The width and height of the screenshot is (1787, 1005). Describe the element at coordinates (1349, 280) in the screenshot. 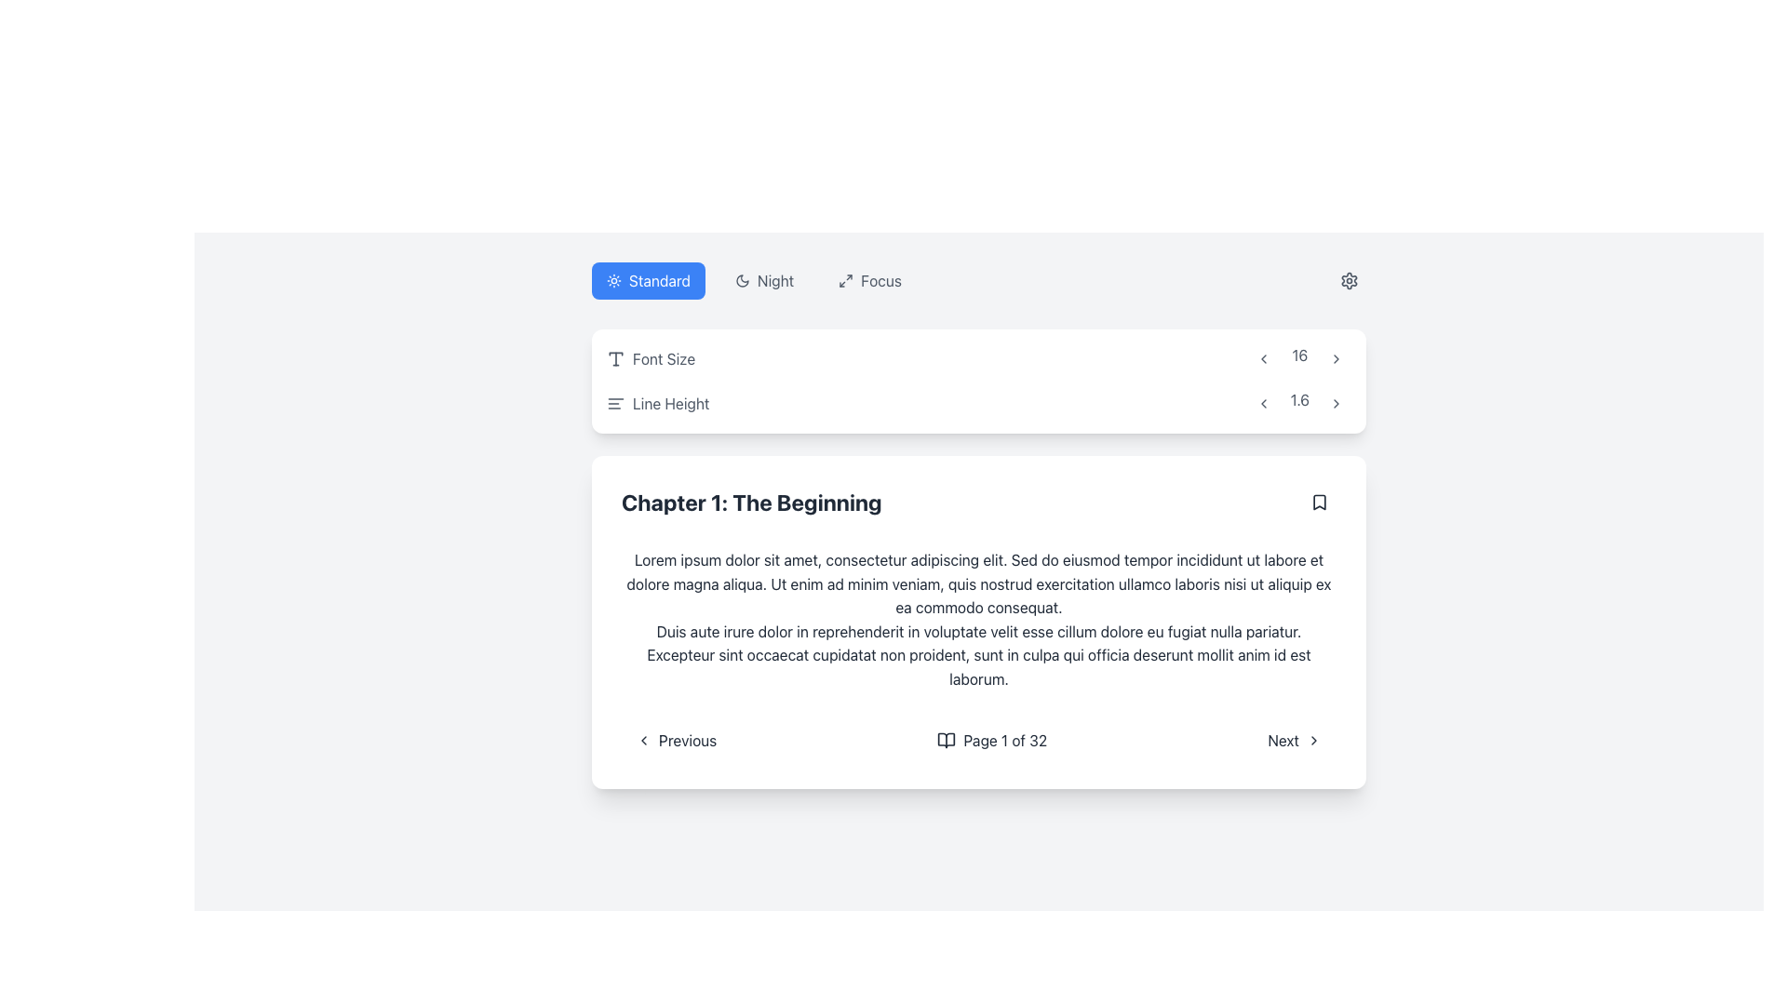

I see `the settings icon within the interactive button located at the top-right corner of the user interface` at that location.